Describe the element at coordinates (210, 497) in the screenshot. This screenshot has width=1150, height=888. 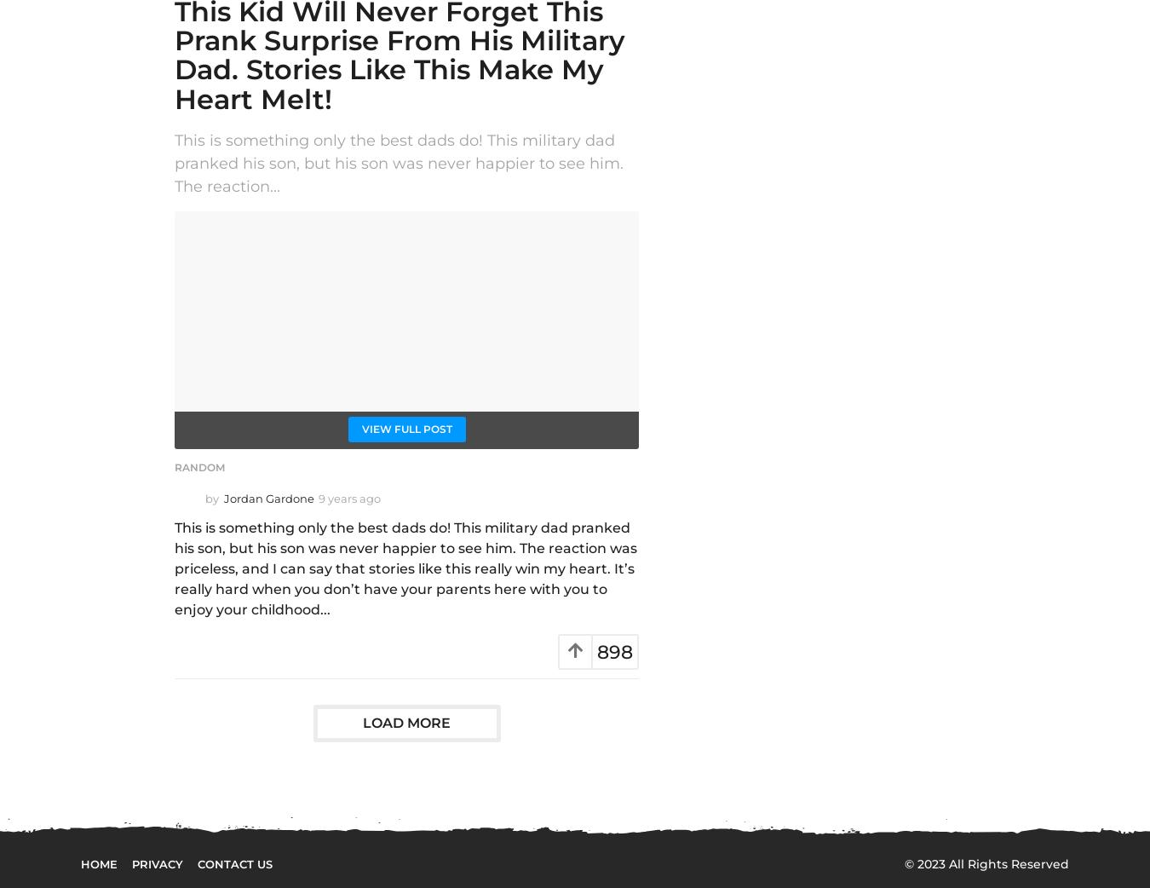
I see `'by'` at that location.